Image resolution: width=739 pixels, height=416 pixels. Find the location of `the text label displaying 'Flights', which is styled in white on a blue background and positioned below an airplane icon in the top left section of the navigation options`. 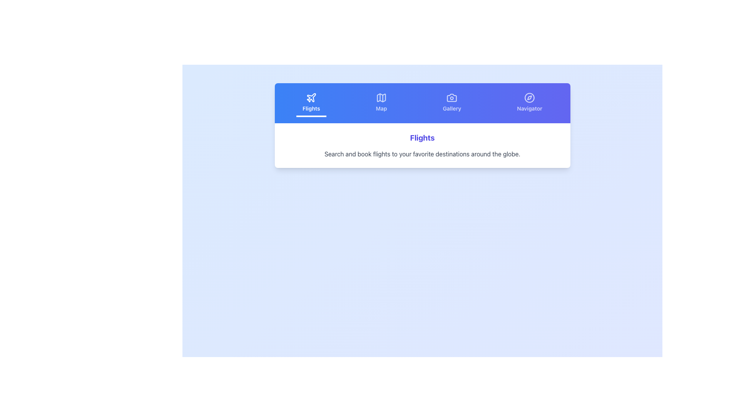

the text label displaying 'Flights', which is styled in white on a blue background and positioned below an airplane icon in the top left section of the navigation options is located at coordinates (311, 108).